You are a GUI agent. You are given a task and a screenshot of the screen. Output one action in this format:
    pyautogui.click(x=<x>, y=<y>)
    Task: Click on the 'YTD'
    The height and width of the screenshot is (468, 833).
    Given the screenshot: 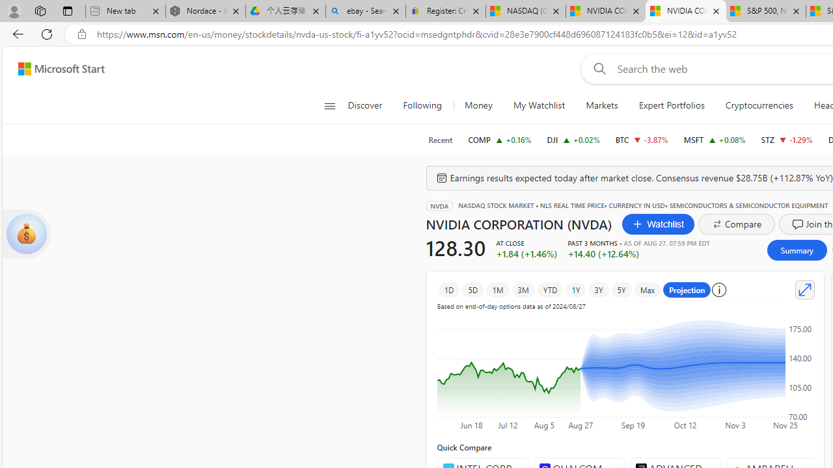 What is the action you would take?
    pyautogui.click(x=551, y=289)
    